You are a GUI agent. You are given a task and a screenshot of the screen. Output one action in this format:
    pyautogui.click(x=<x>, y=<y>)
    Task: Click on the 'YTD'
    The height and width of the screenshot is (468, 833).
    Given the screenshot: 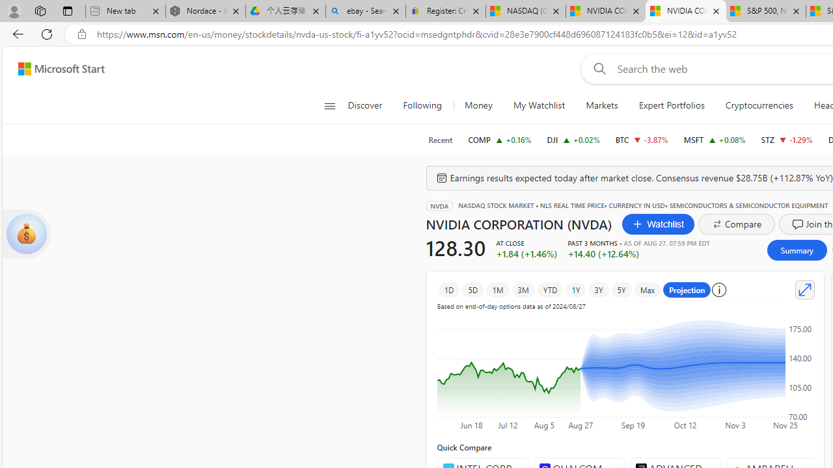 What is the action you would take?
    pyautogui.click(x=551, y=289)
    